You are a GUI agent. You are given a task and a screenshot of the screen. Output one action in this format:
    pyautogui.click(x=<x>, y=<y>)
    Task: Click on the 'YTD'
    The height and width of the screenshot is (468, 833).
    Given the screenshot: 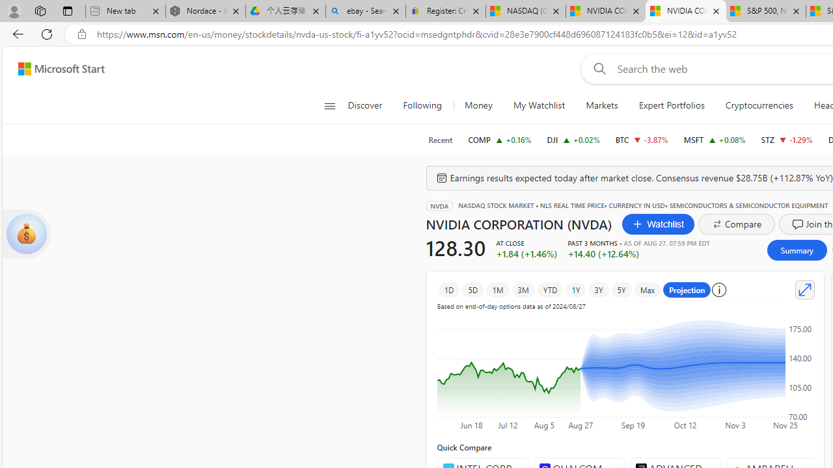 What is the action you would take?
    pyautogui.click(x=551, y=289)
    